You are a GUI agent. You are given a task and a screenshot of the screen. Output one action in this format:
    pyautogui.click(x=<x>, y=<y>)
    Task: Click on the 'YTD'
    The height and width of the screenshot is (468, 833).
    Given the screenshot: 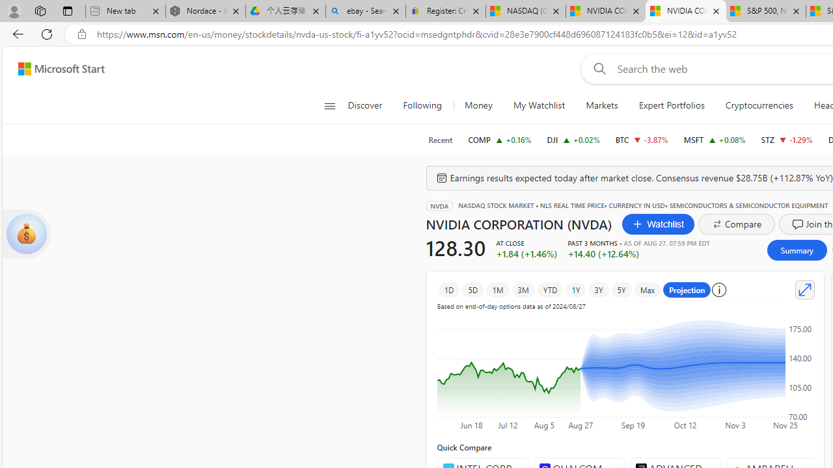 What is the action you would take?
    pyautogui.click(x=551, y=289)
    